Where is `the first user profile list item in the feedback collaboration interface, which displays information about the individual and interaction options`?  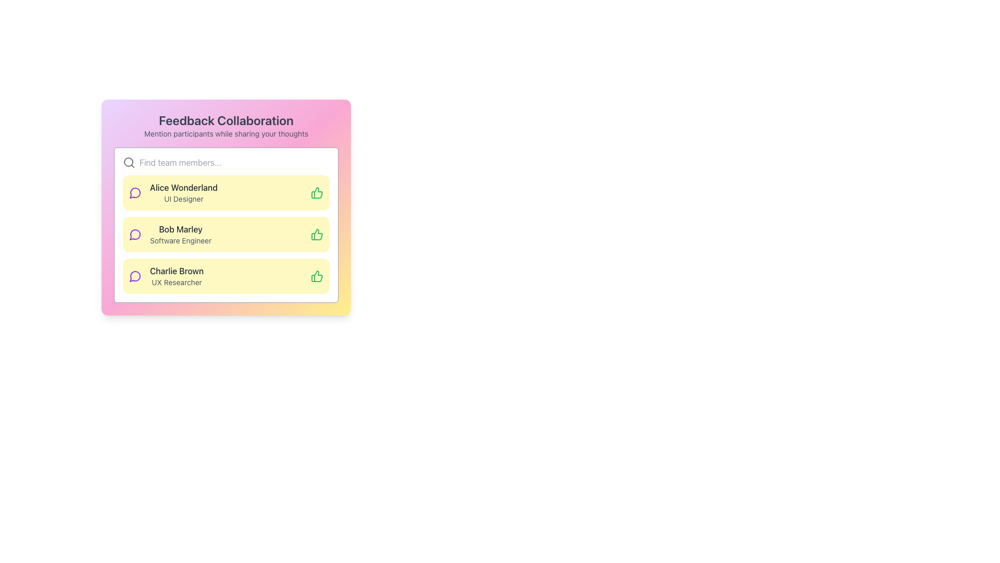 the first user profile list item in the feedback collaboration interface, which displays information about the individual and interaction options is located at coordinates (226, 193).